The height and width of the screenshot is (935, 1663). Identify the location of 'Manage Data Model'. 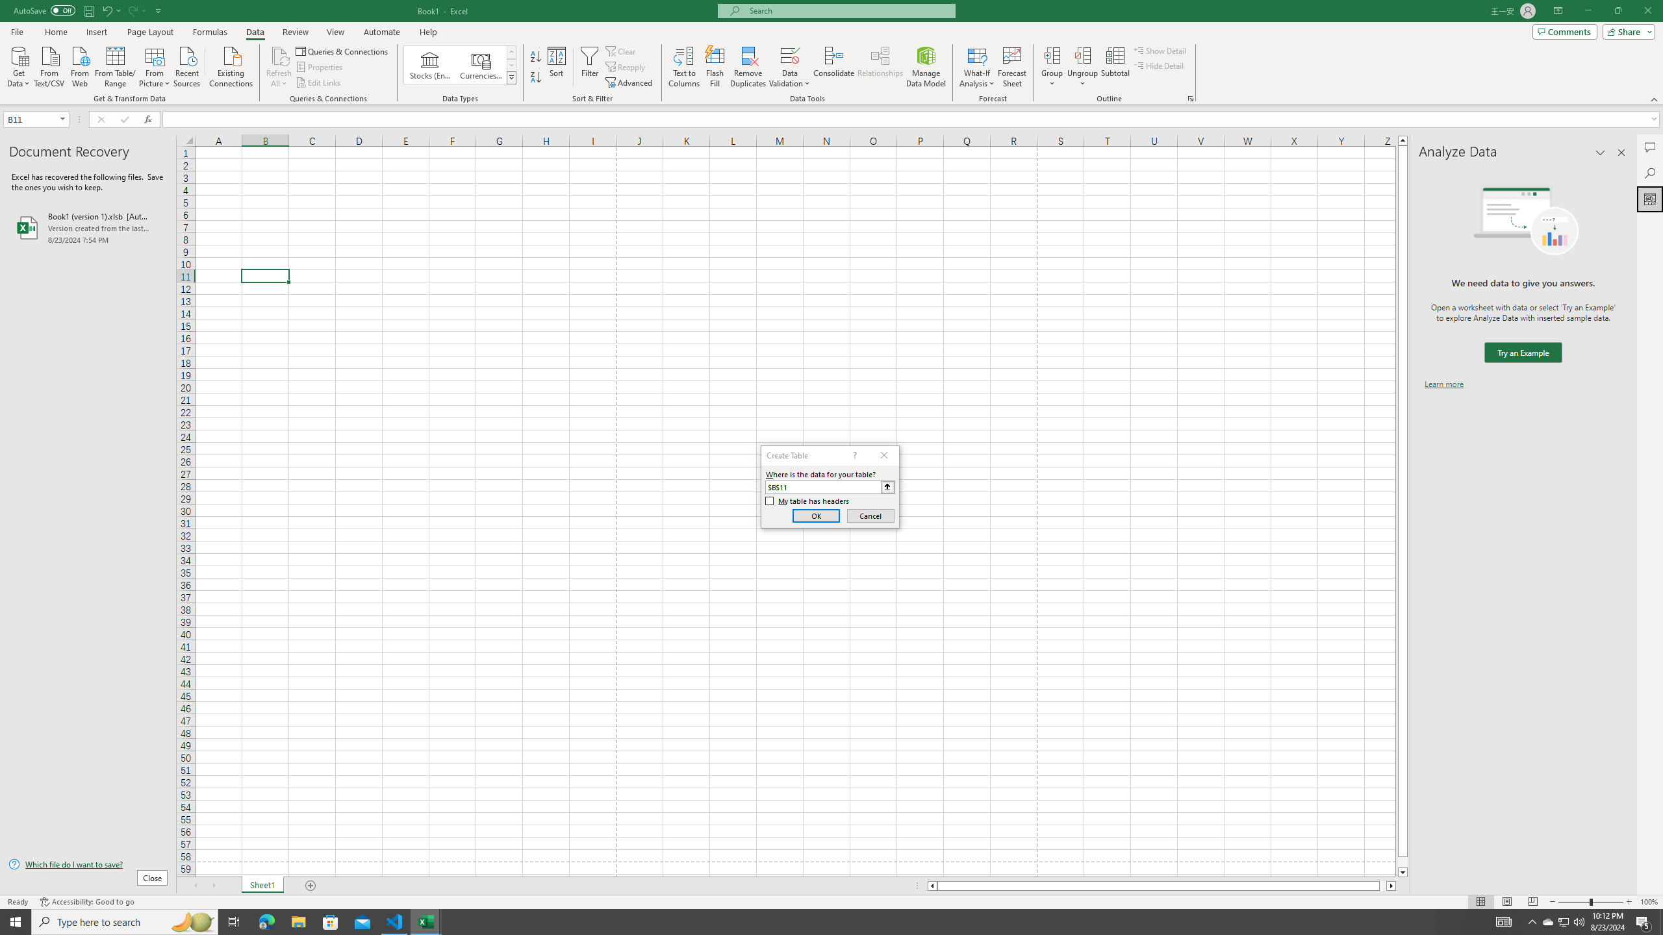
(925, 67).